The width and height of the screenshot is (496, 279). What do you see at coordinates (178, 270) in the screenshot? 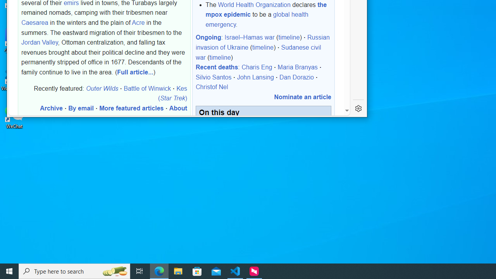
I see `'File Explorer'` at bounding box center [178, 270].